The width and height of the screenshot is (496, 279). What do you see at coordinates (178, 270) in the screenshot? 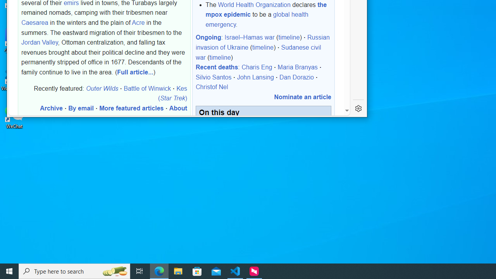
I see `'File Explorer'` at bounding box center [178, 270].